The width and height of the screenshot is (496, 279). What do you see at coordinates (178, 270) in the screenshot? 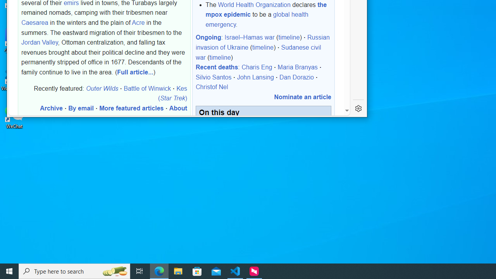
I see `'File Explorer'` at bounding box center [178, 270].